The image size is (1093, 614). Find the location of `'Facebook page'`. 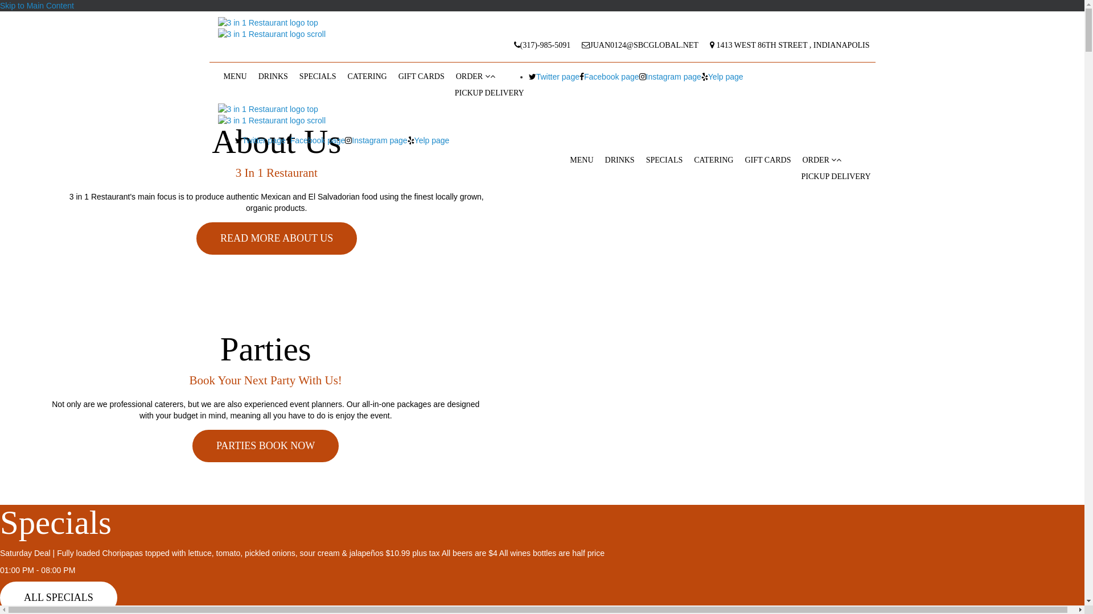

'Facebook page' is located at coordinates (315, 139).